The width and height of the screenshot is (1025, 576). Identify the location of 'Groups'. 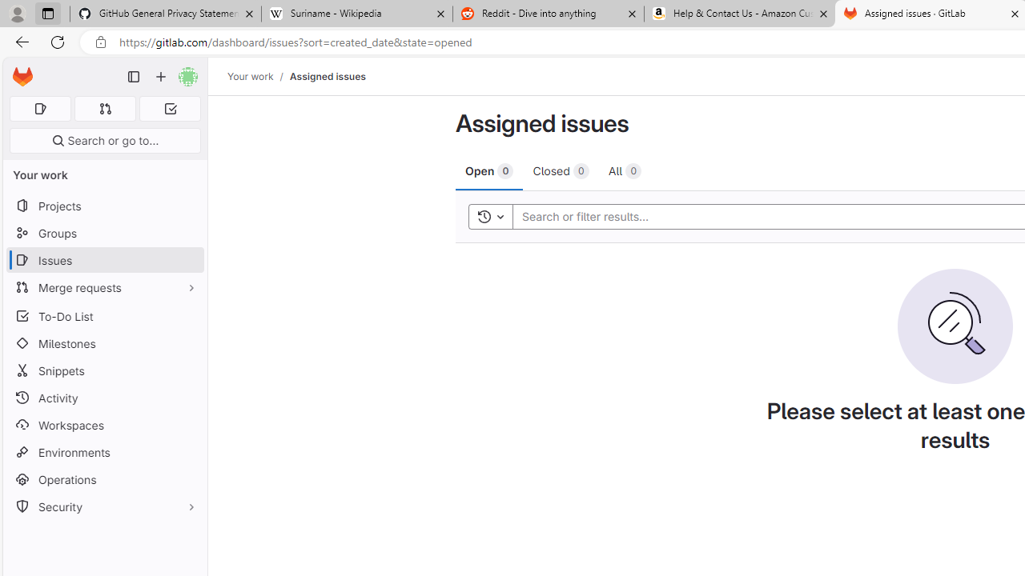
(104, 233).